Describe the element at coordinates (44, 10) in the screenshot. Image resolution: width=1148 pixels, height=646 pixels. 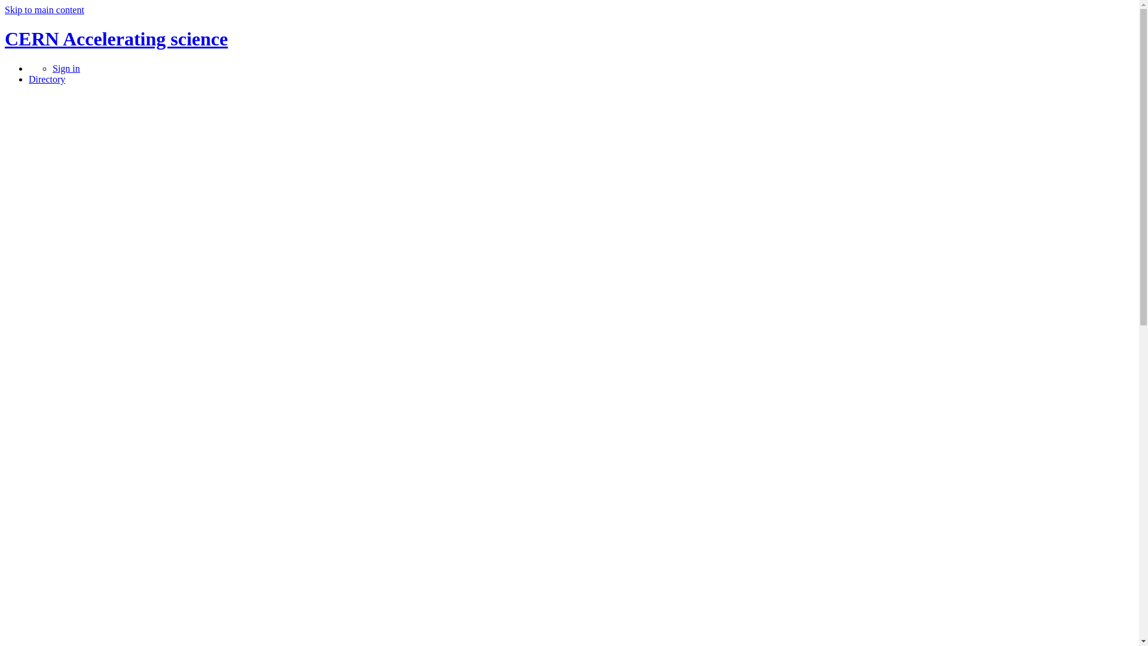
I see `'Skip to main content'` at that location.